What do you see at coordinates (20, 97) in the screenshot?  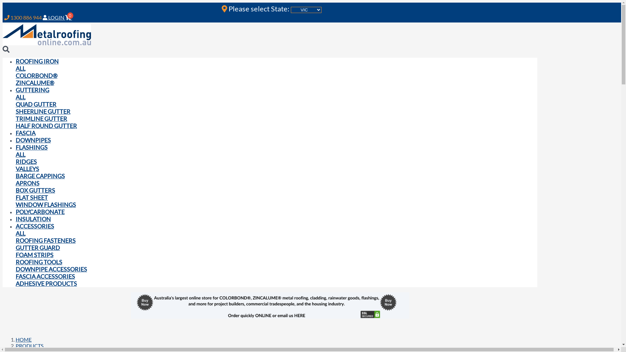 I see `'ALL'` at bounding box center [20, 97].